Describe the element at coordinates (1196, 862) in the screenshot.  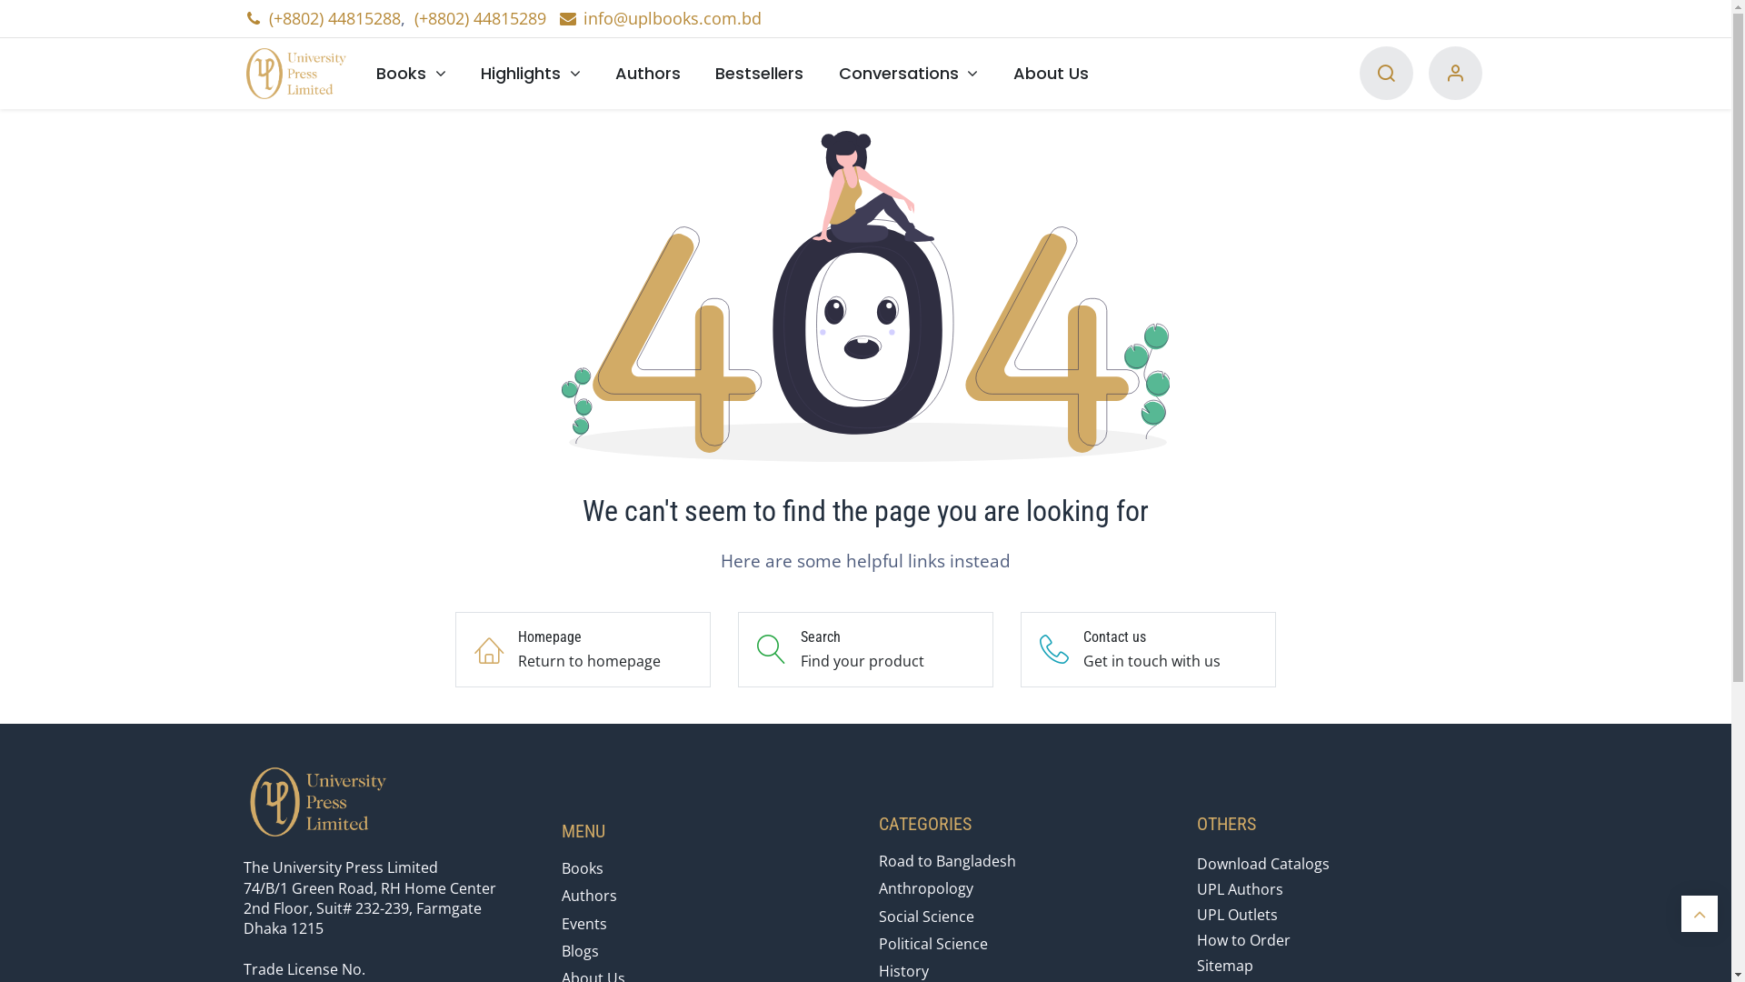
I see `'Download Catalogs'` at that location.